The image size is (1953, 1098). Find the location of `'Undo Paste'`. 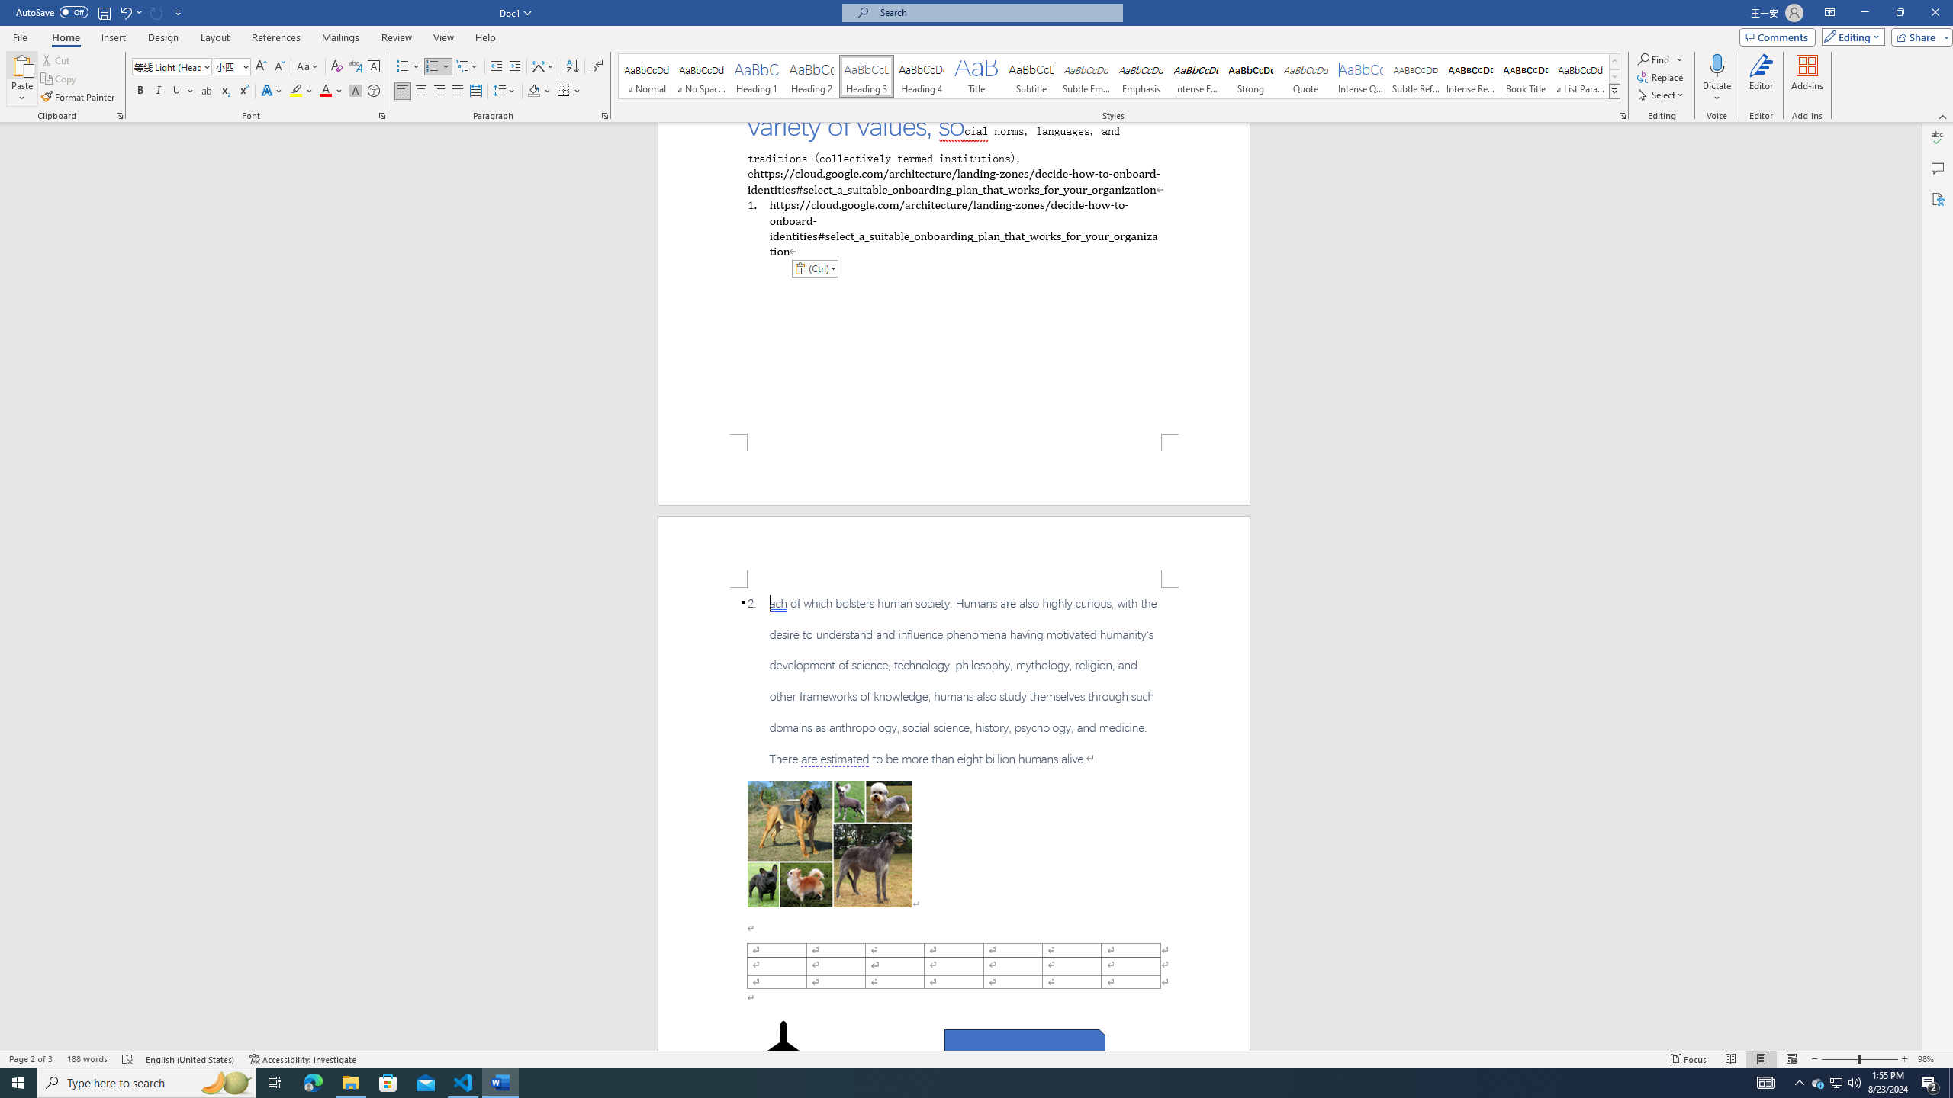

'Undo Paste' is located at coordinates (130, 11).